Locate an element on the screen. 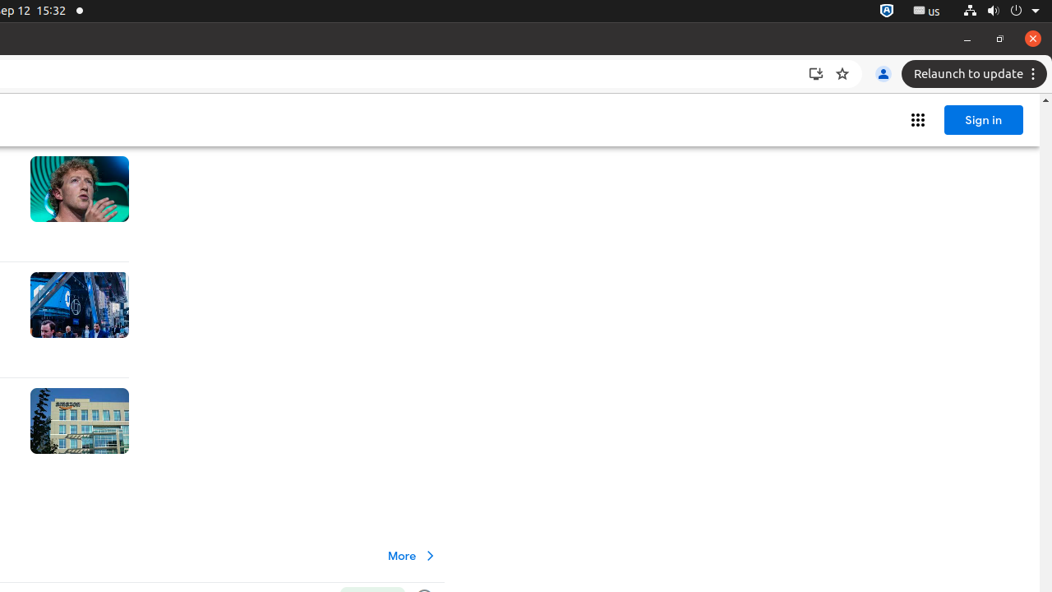  'Relaunch to update' is located at coordinates (976, 74).